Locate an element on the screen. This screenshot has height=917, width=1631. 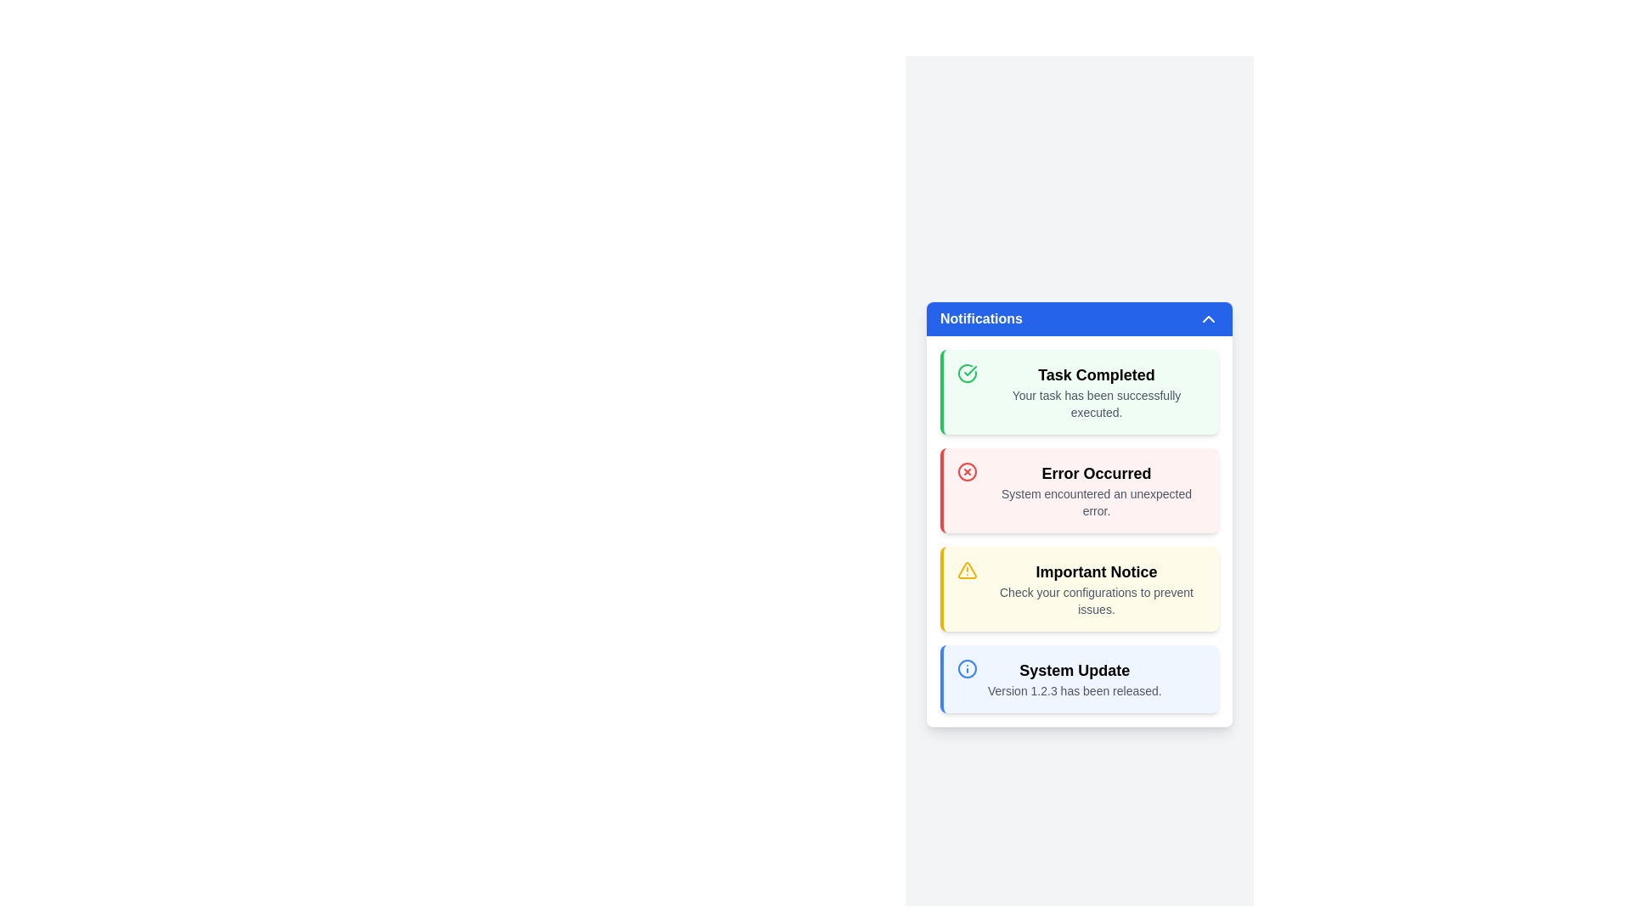
the circular icon with a thin blue outline and light blue fill, which is part of the 'System Update' notification at the bottom of the list is located at coordinates (967, 667).